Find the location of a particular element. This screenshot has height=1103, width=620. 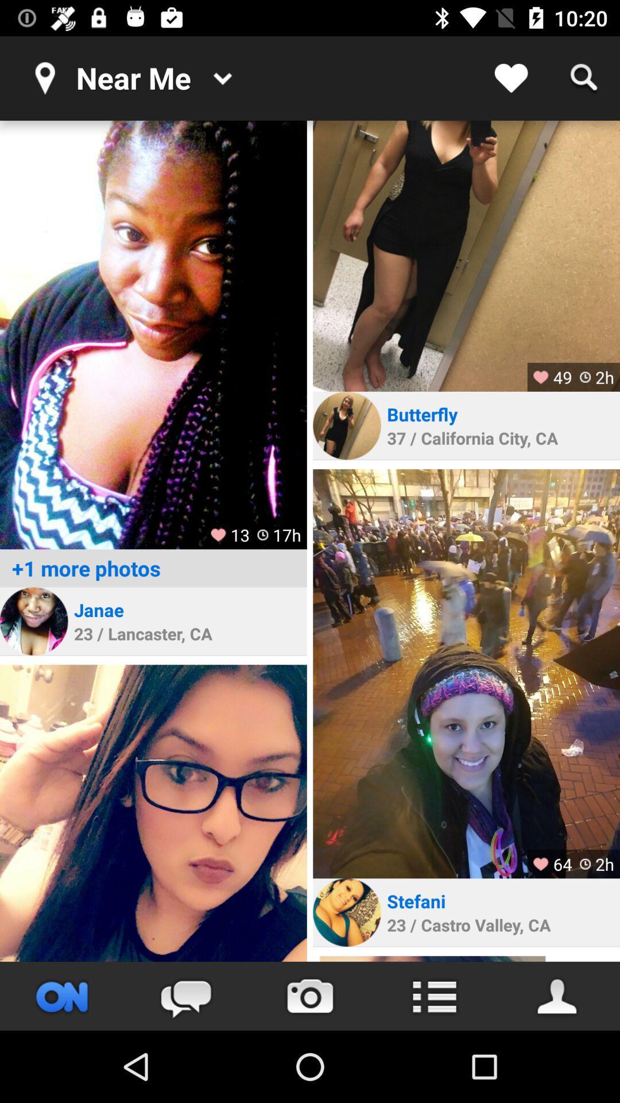

the +1 more photos item is located at coordinates (153, 568).